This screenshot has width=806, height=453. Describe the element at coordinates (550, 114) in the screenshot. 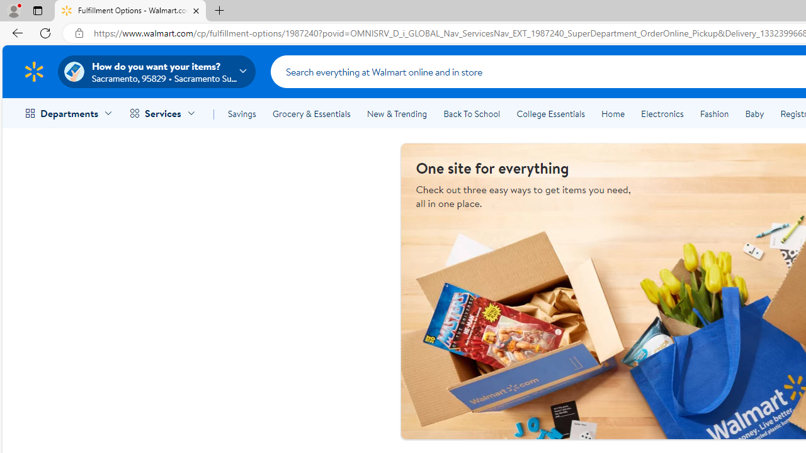

I see `'College Essentials'` at that location.